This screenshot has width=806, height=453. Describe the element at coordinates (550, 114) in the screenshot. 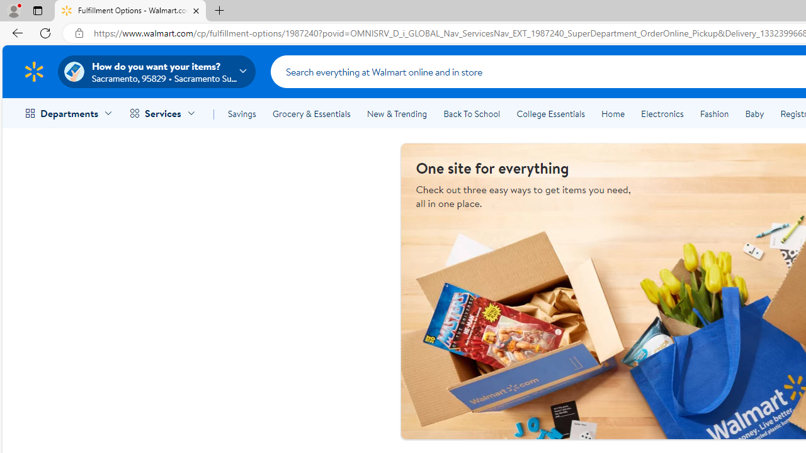

I see `'College Essentials'` at that location.